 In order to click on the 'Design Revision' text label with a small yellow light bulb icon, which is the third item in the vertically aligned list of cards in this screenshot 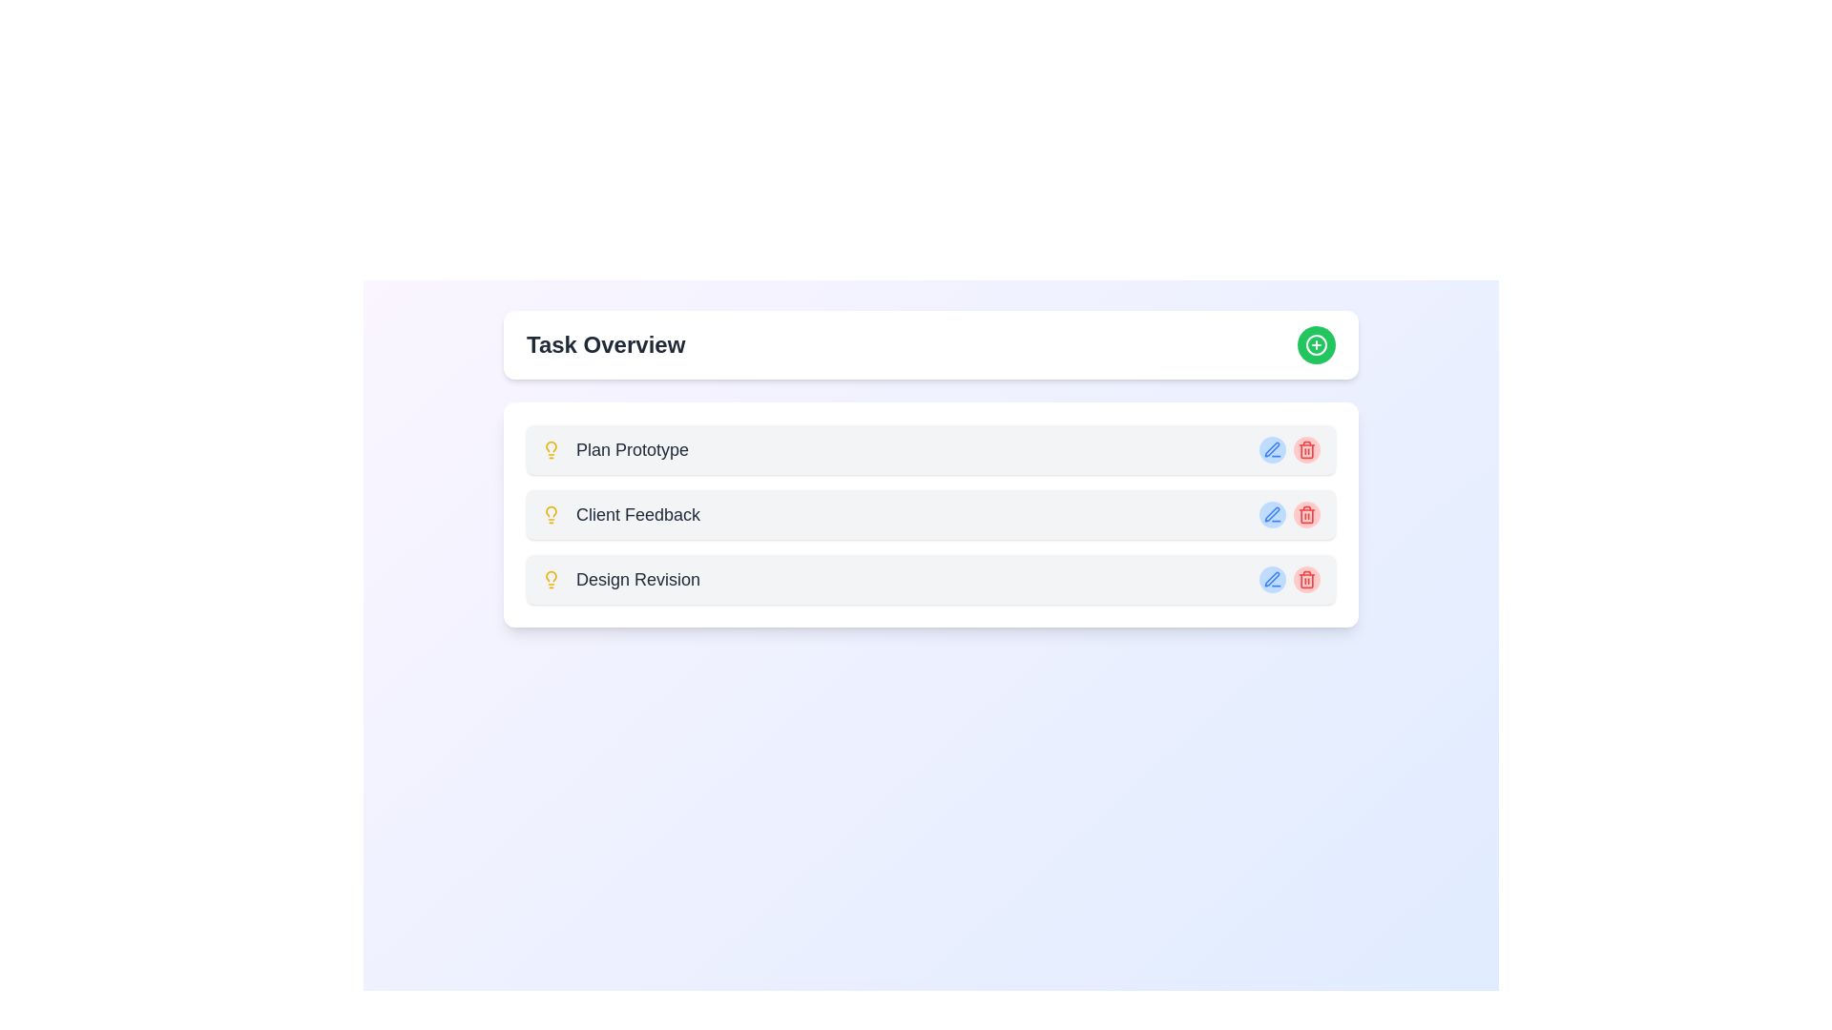, I will do `click(621, 579)`.